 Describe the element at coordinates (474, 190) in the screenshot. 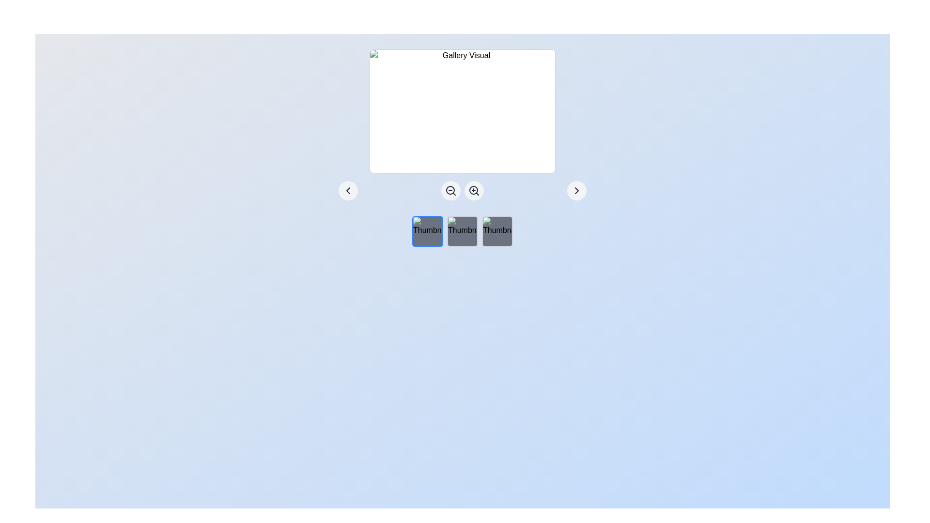

I see `the circular button with a magnifying glass icon and plus sign, located as the second button from the left below the 'Gallery Visual' area to zoom in` at that location.